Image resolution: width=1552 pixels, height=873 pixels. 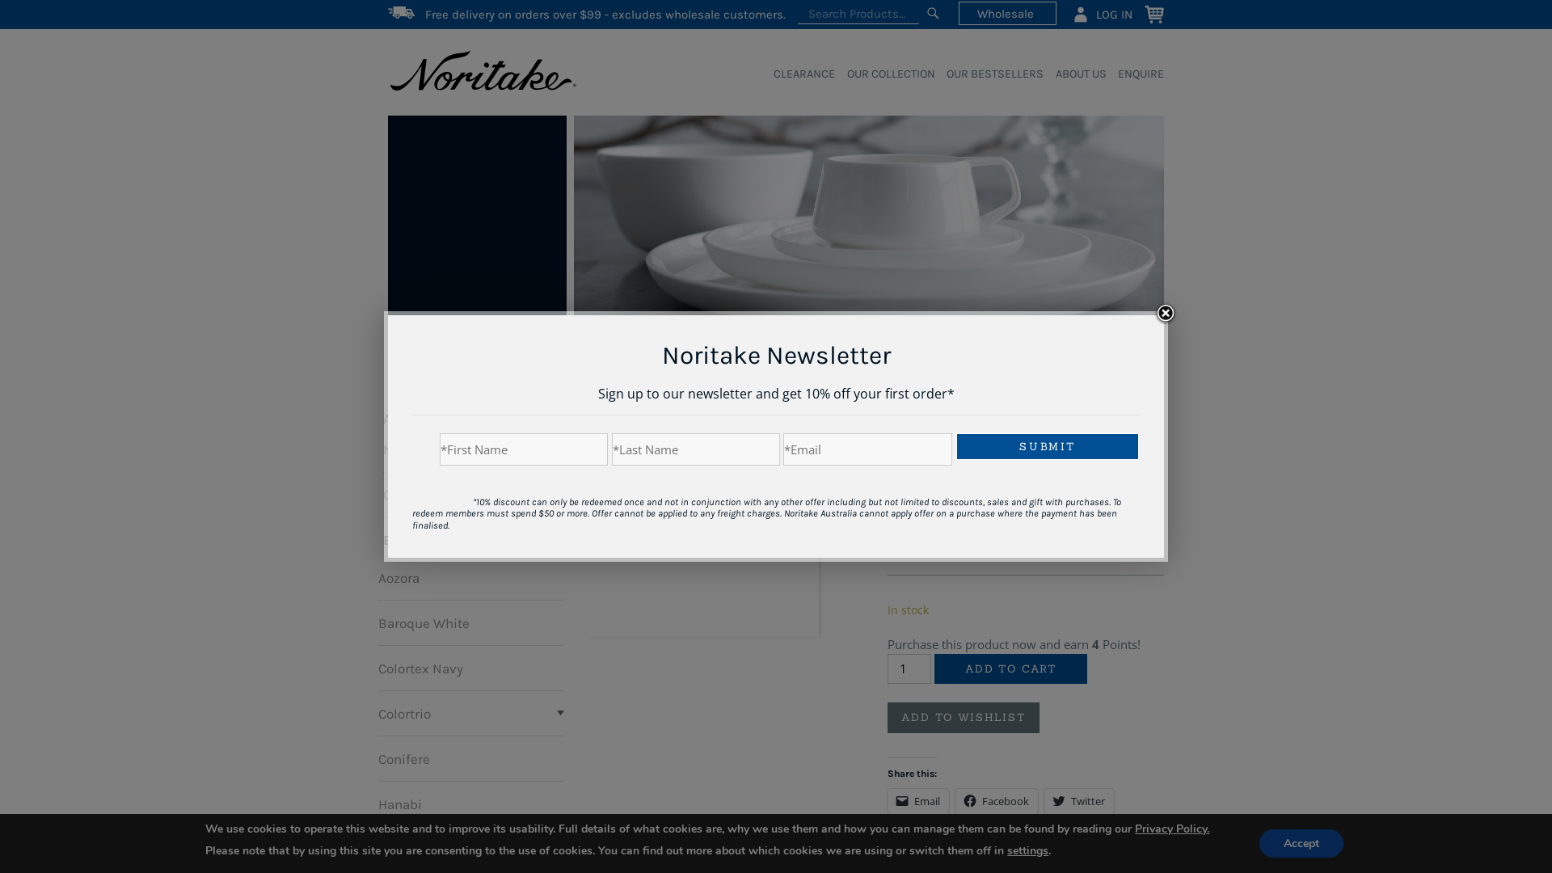 I want to click on 'OUR COLLECTION', so click(x=884, y=74).